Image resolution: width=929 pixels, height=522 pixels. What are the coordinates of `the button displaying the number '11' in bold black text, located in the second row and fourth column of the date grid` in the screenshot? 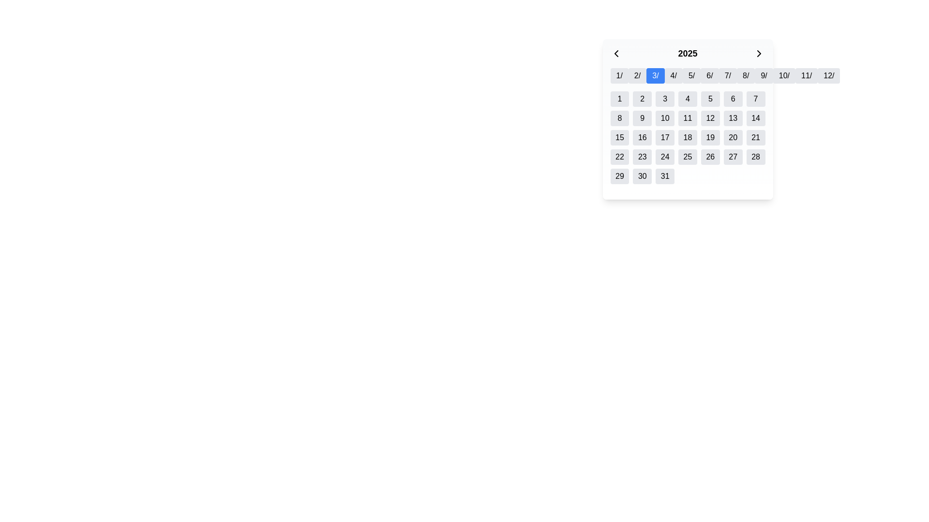 It's located at (687, 118).